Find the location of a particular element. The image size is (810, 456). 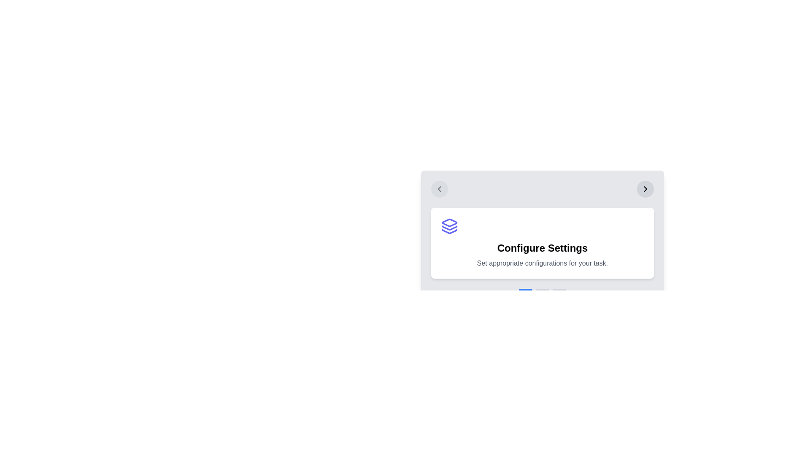

right arrow button to navigate to the next step is located at coordinates (645, 188).